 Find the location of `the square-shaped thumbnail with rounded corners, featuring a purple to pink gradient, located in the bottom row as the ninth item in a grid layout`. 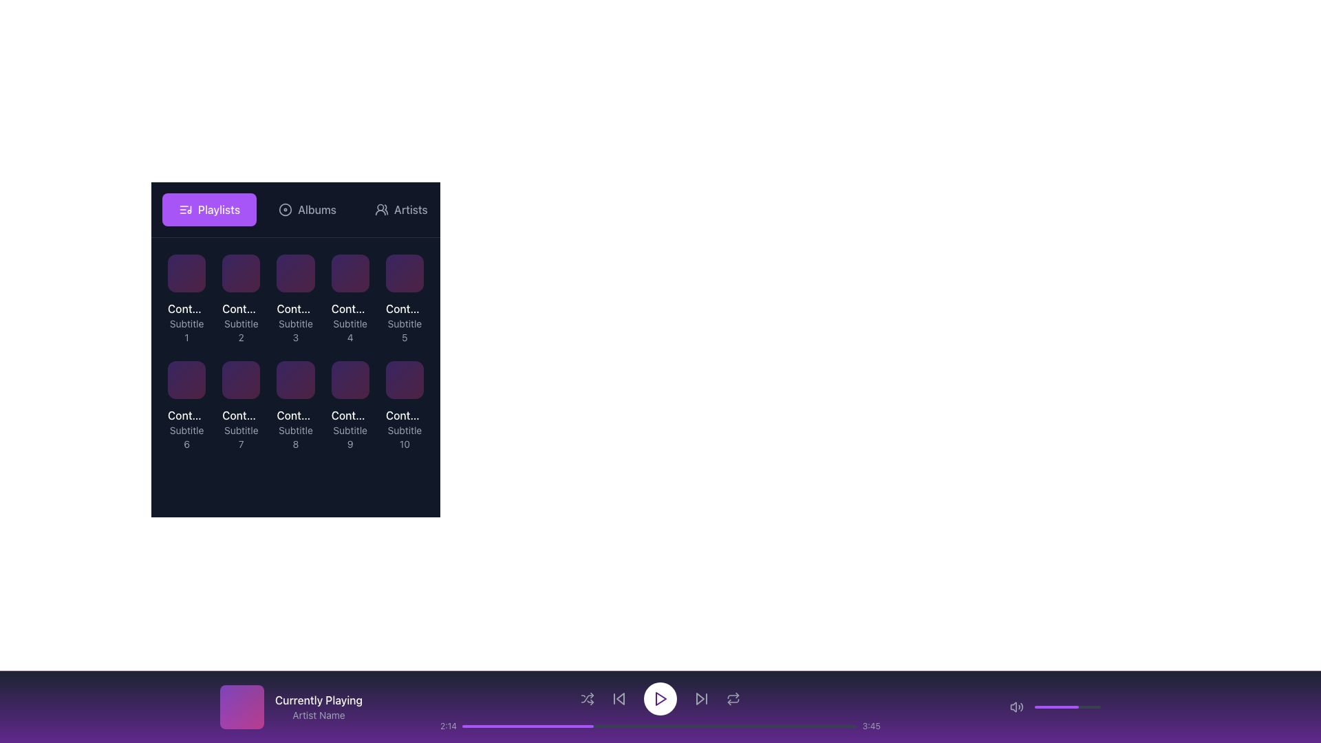

the square-shaped thumbnail with rounded corners, featuring a purple to pink gradient, located in the bottom row as the ninth item in a grid layout is located at coordinates (350, 380).